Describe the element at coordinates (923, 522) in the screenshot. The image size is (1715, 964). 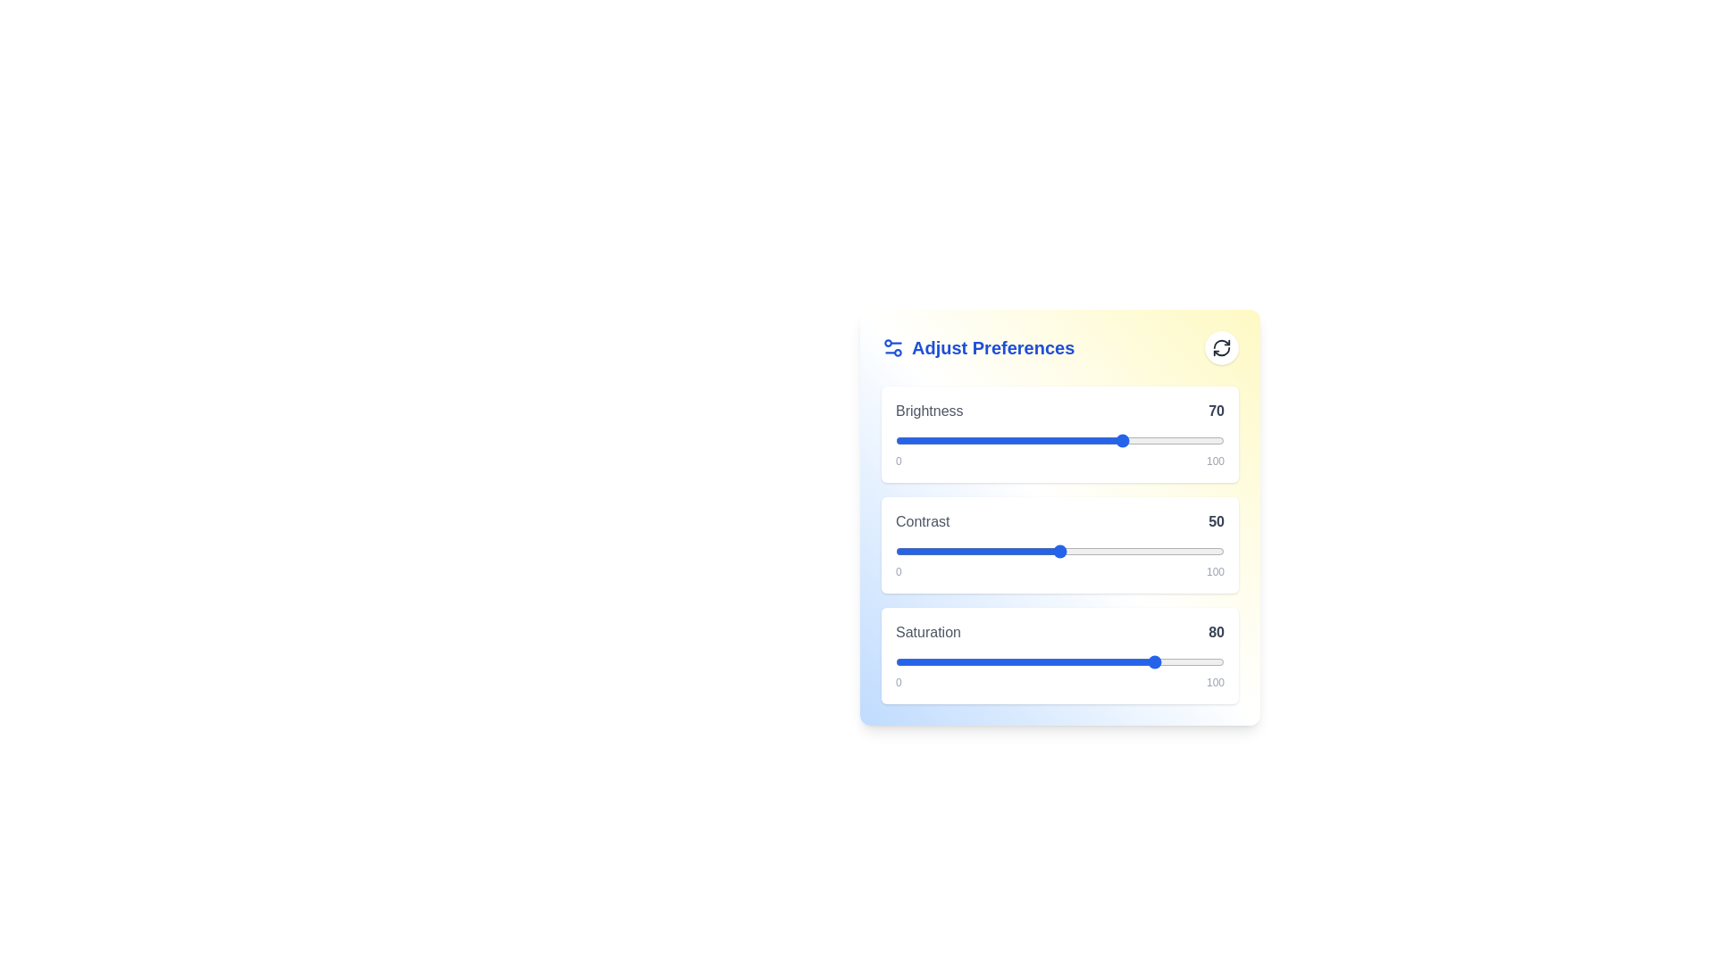
I see `the text label displaying the word 'Contrast', which is styled in gray color and located to the left of the numeric value '50' above the slider control` at that location.